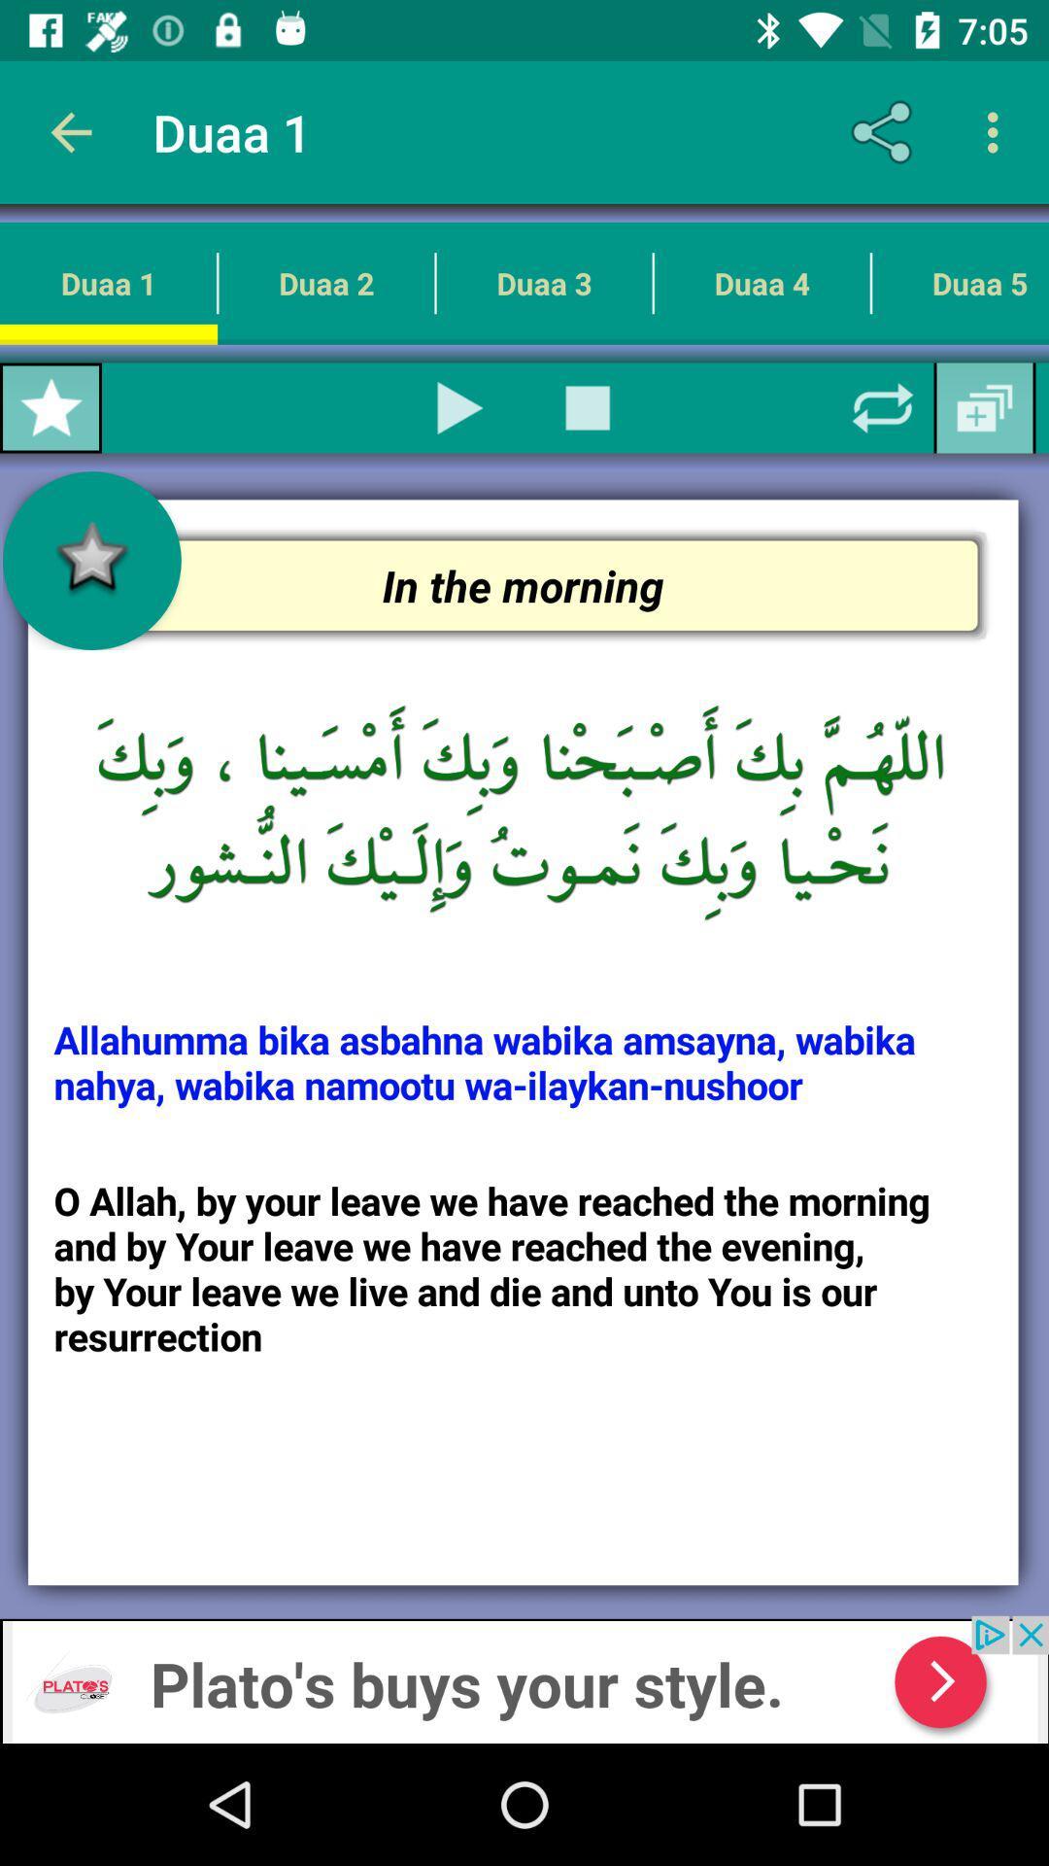 The height and width of the screenshot is (1866, 1049). Describe the element at coordinates (460, 407) in the screenshot. I see `the item next to duaa 1` at that location.